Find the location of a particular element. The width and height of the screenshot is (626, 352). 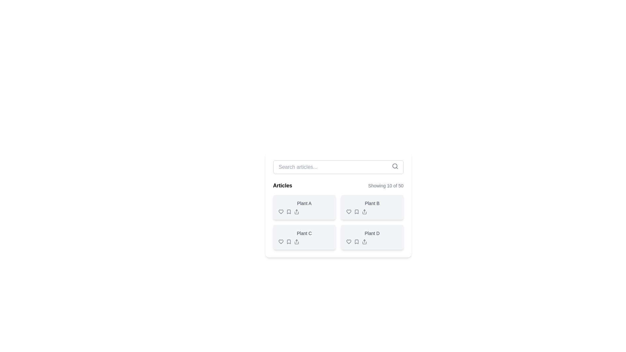

the search icon represented by a magnifying glass in the top-right corner of the 'Search articles...' input field is located at coordinates (395, 166).